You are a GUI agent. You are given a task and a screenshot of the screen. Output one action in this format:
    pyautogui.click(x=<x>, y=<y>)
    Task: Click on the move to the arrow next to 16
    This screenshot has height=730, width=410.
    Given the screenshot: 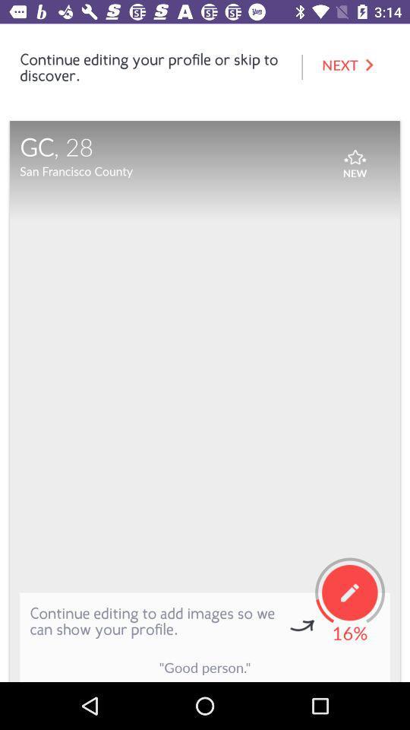 What is the action you would take?
    pyautogui.click(x=301, y=626)
    